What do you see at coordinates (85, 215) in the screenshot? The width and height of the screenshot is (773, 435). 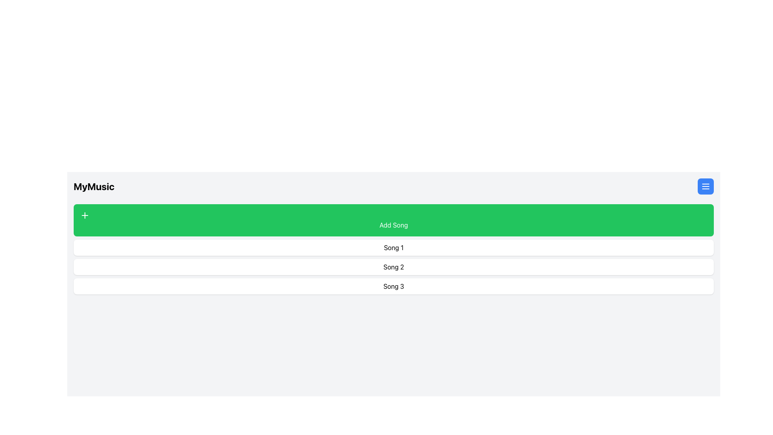 I see `the icon on the 'Add Song' button, located towards the left side of the button` at bounding box center [85, 215].